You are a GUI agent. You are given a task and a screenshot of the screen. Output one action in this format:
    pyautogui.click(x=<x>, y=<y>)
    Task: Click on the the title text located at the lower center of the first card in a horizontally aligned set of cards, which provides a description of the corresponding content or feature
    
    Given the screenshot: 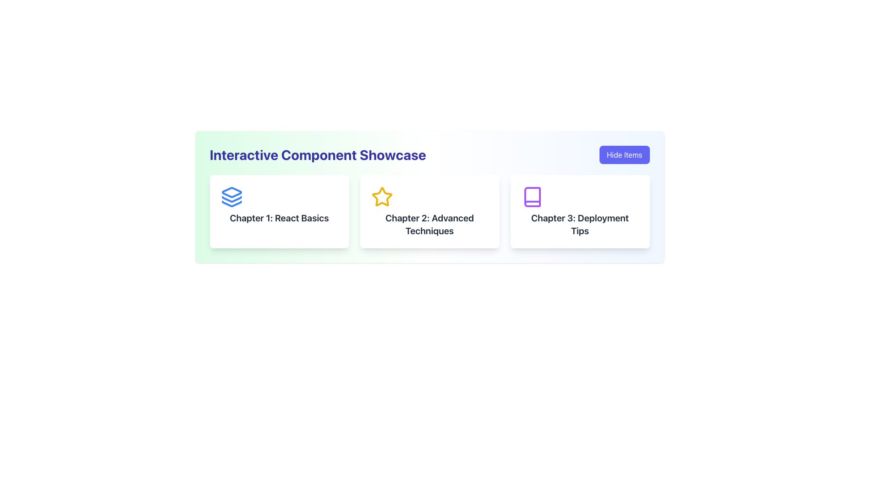 What is the action you would take?
    pyautogui.click(x=279, y=218)
    